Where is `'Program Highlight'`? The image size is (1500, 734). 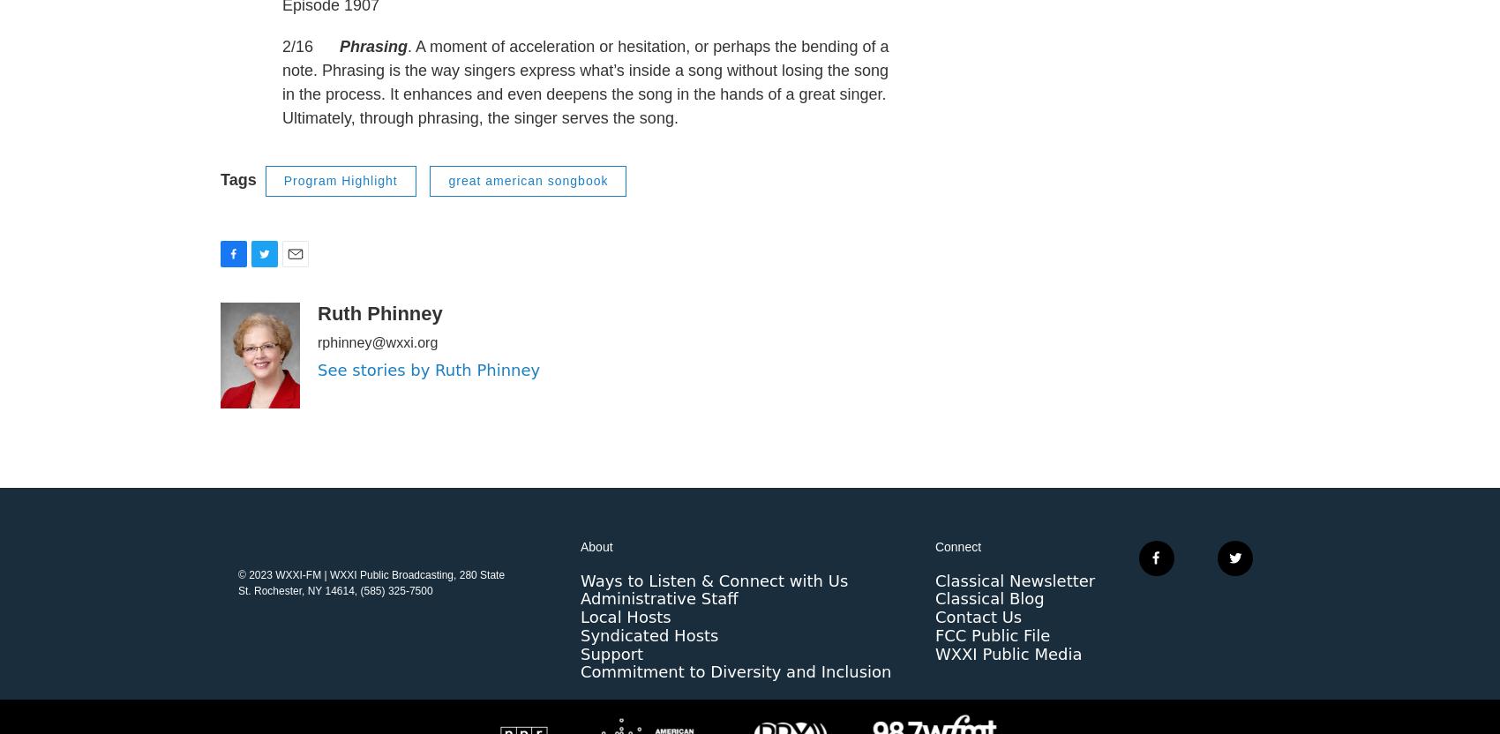 'Program Highlight' is located at coordinates (339, 216).